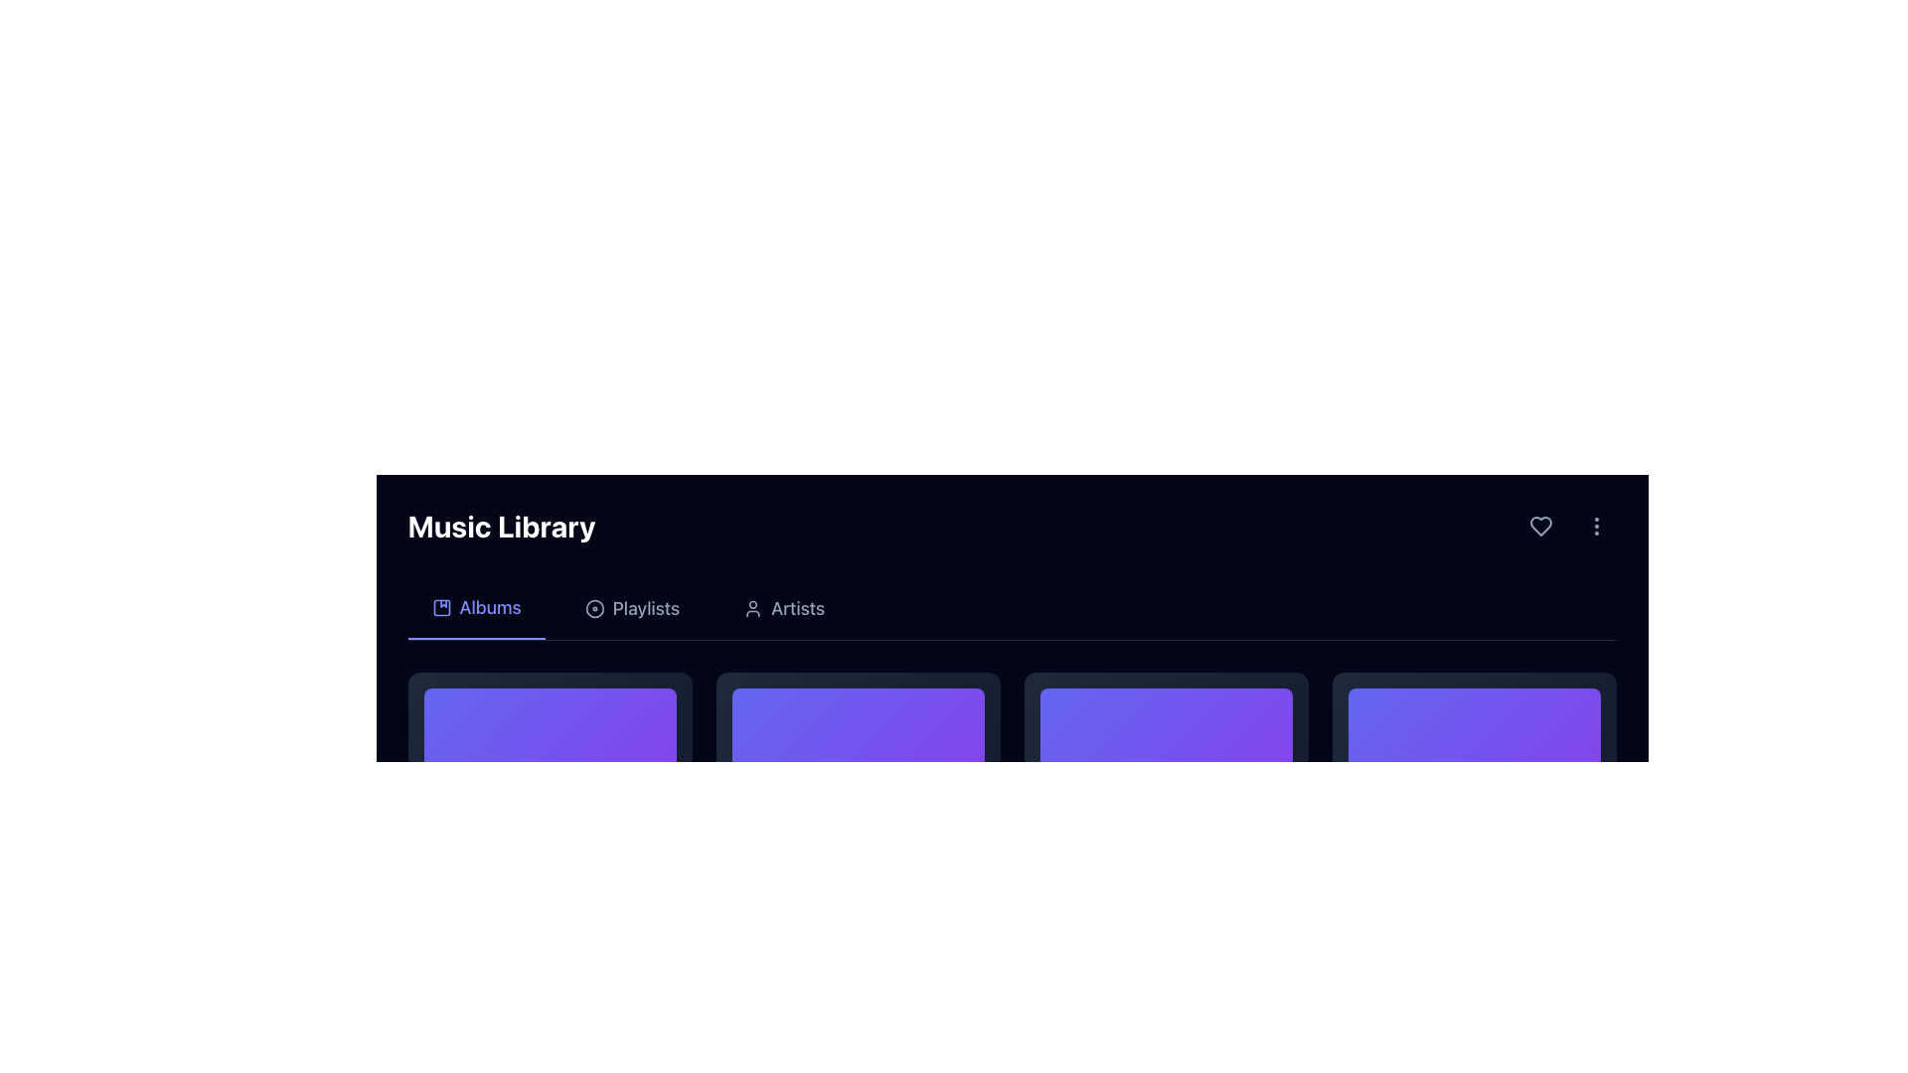 The height and width of the screenshot is (1073, 1908). What do you see at coordinates (1596, 525) in the screenshot?
I see `the menu trigger button located at the top-right corner of the interface, next to the heart icon, to change its color` at bounding box center [1596, 525].